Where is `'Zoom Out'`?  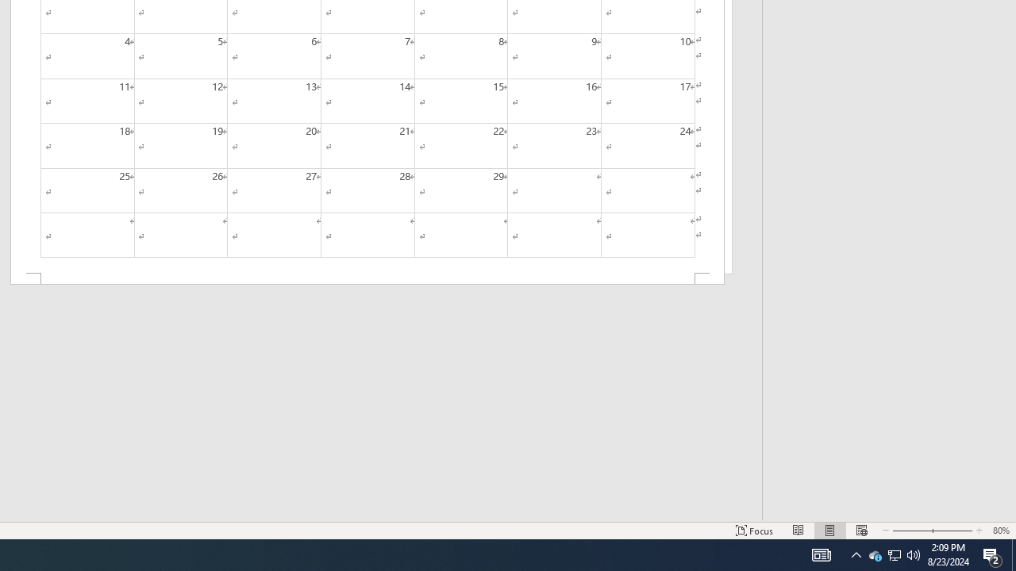 'Zoom Out' is located at coordinates (907, 531).